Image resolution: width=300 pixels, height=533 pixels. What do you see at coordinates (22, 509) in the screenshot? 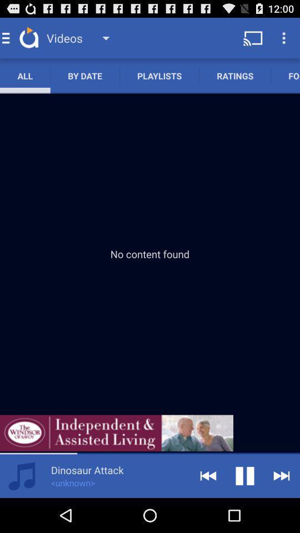
I see `the music icon` at bounding box center [22, 509].